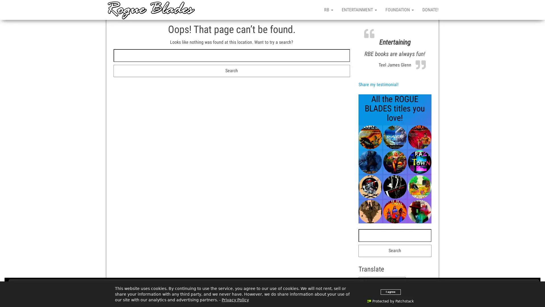 This screenshot has height=307, width=545. I want to click on Search, so click(395, 250).